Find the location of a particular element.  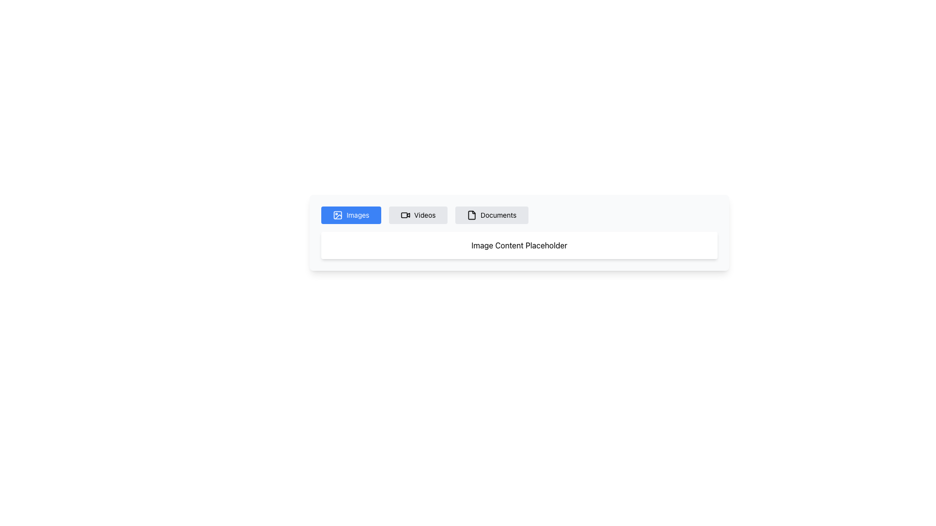

the 'Documents' button, which is the third tab in the horizontal tab group at the top center of the interface, to activate hover effects is located at coordinates (491, 215).